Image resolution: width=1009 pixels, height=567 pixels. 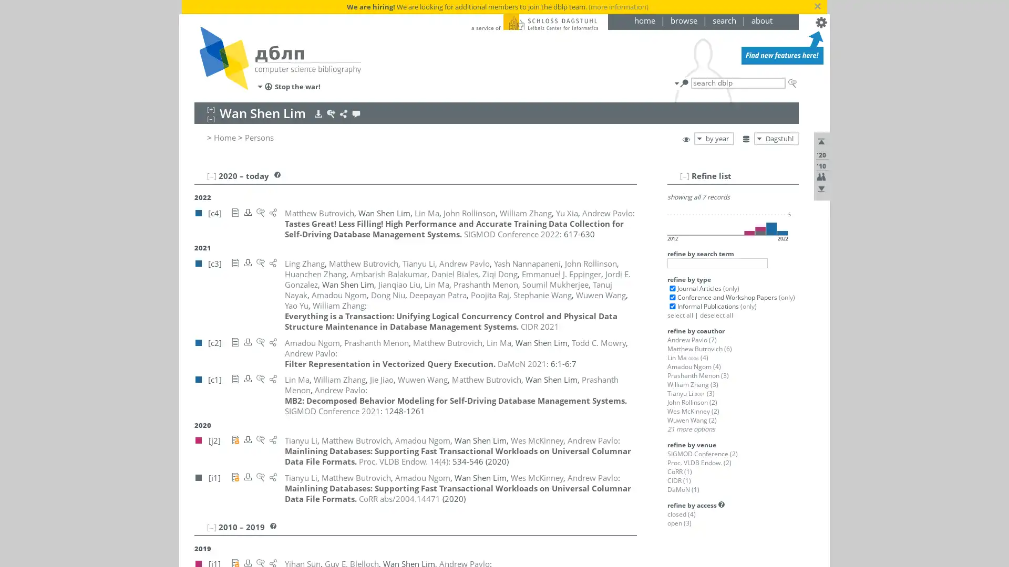 I want to click on William Zhang (3), so click(x=693, y=384).